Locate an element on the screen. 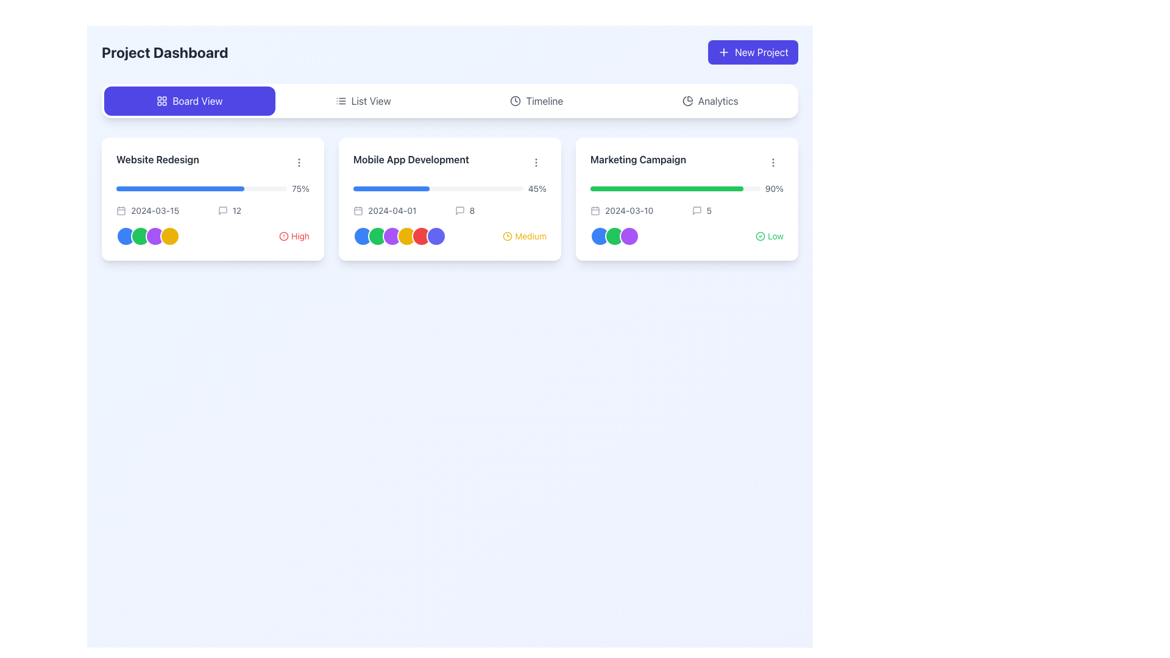  the comment count icon located within the 'Marketing Campaign' project card, positioned just left of the number '5' is located at coordinates (697, 210).